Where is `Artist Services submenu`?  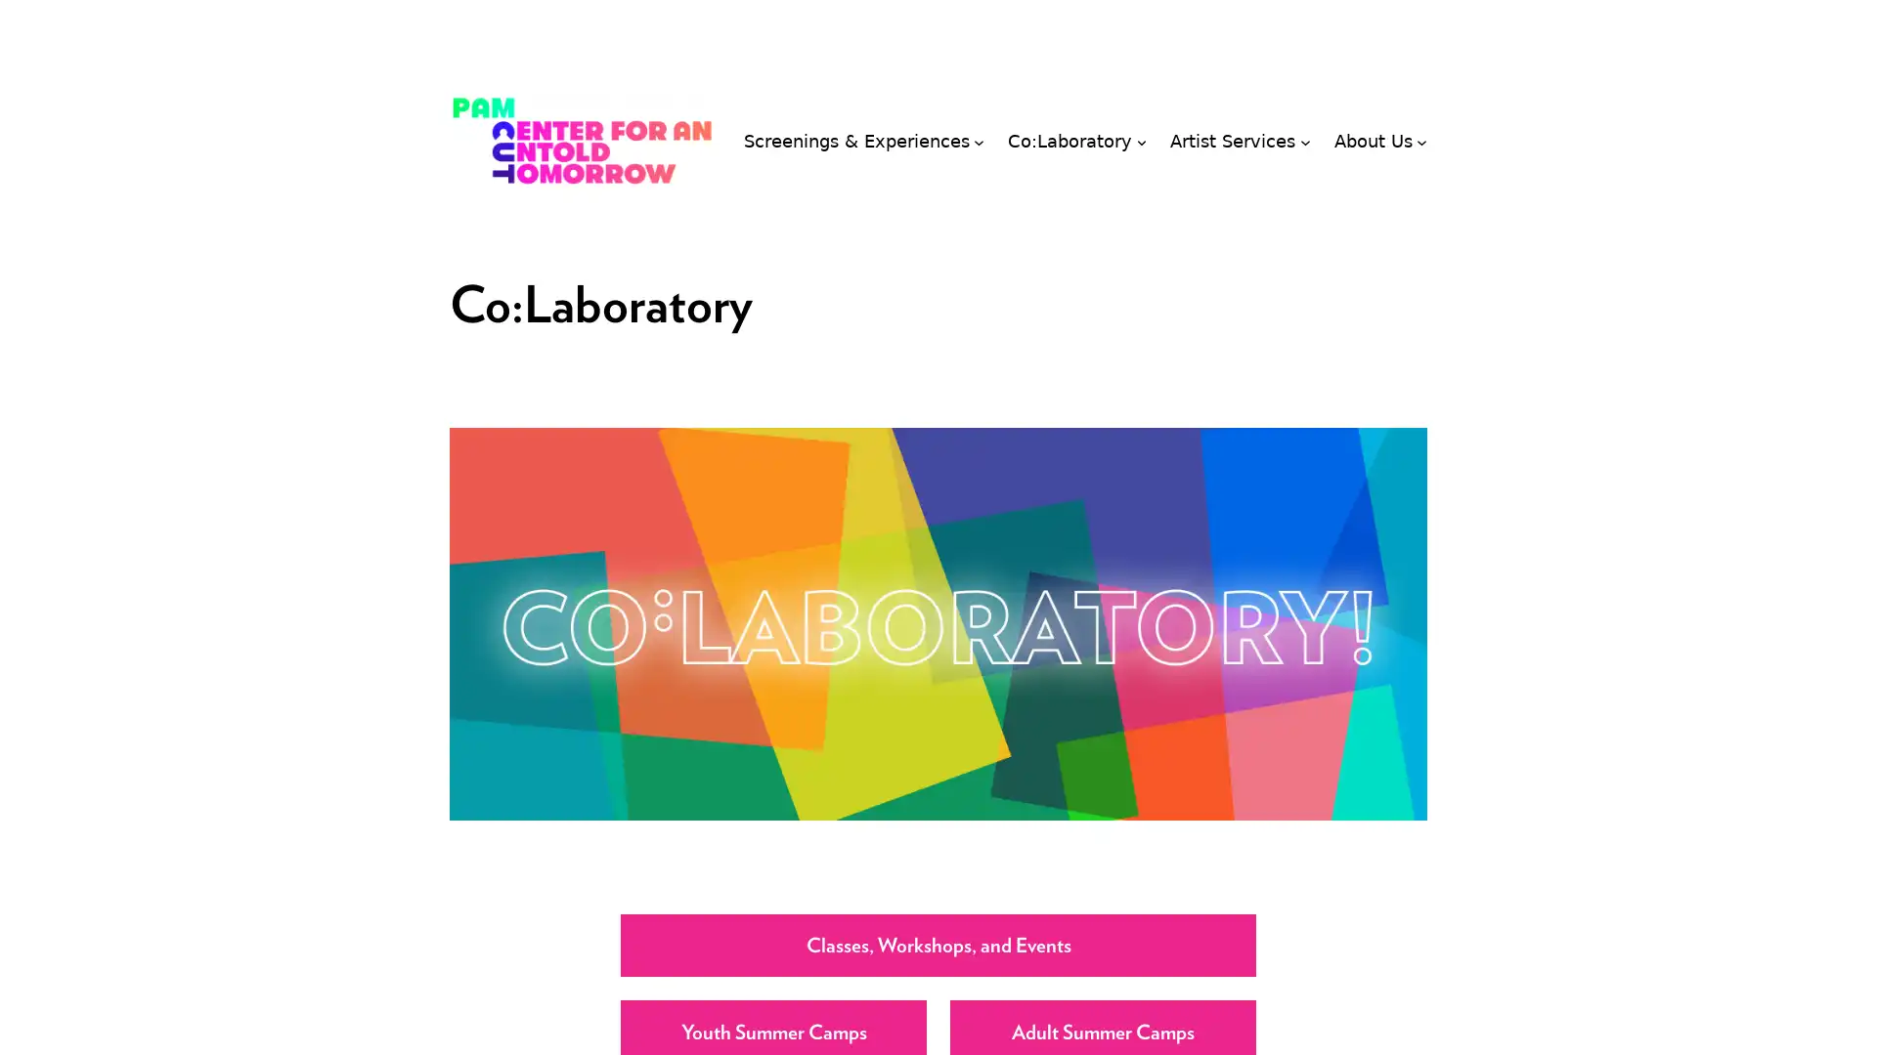
Artist Services submenu is located at coordinates (1304, 140).